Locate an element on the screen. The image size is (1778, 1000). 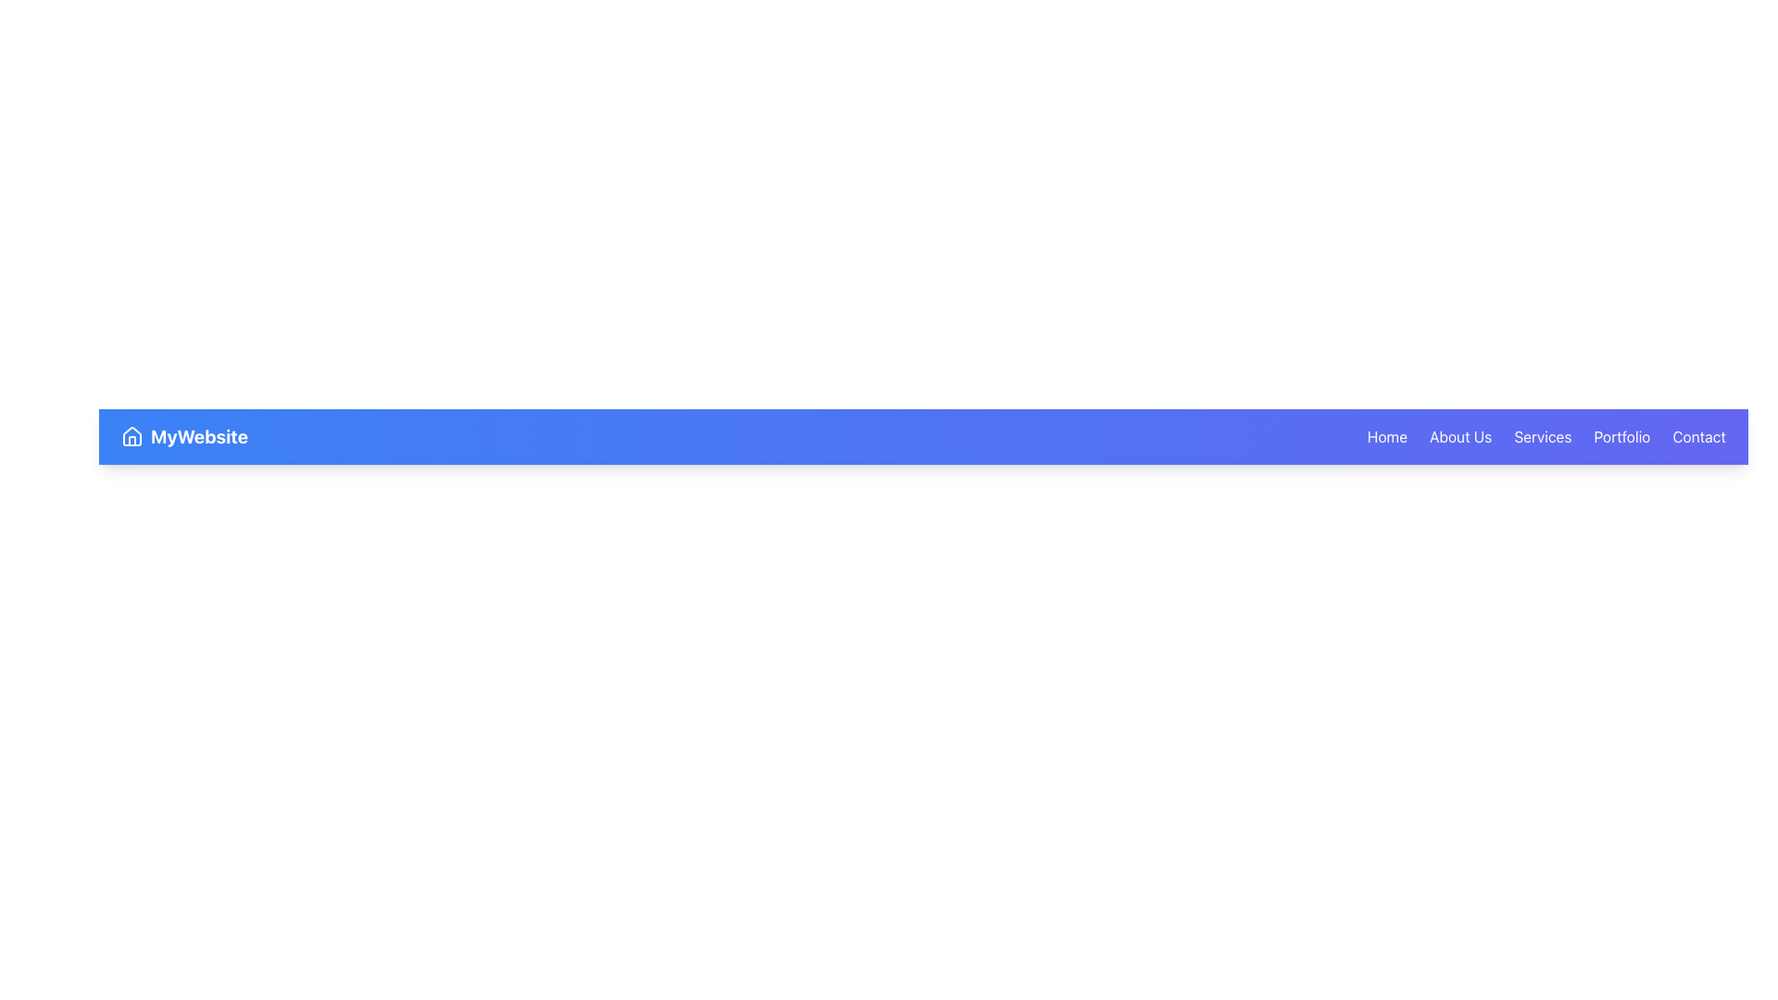
the 'MyWebsite' text logo with a house-shaped icon is located at coordinates (184, 436).